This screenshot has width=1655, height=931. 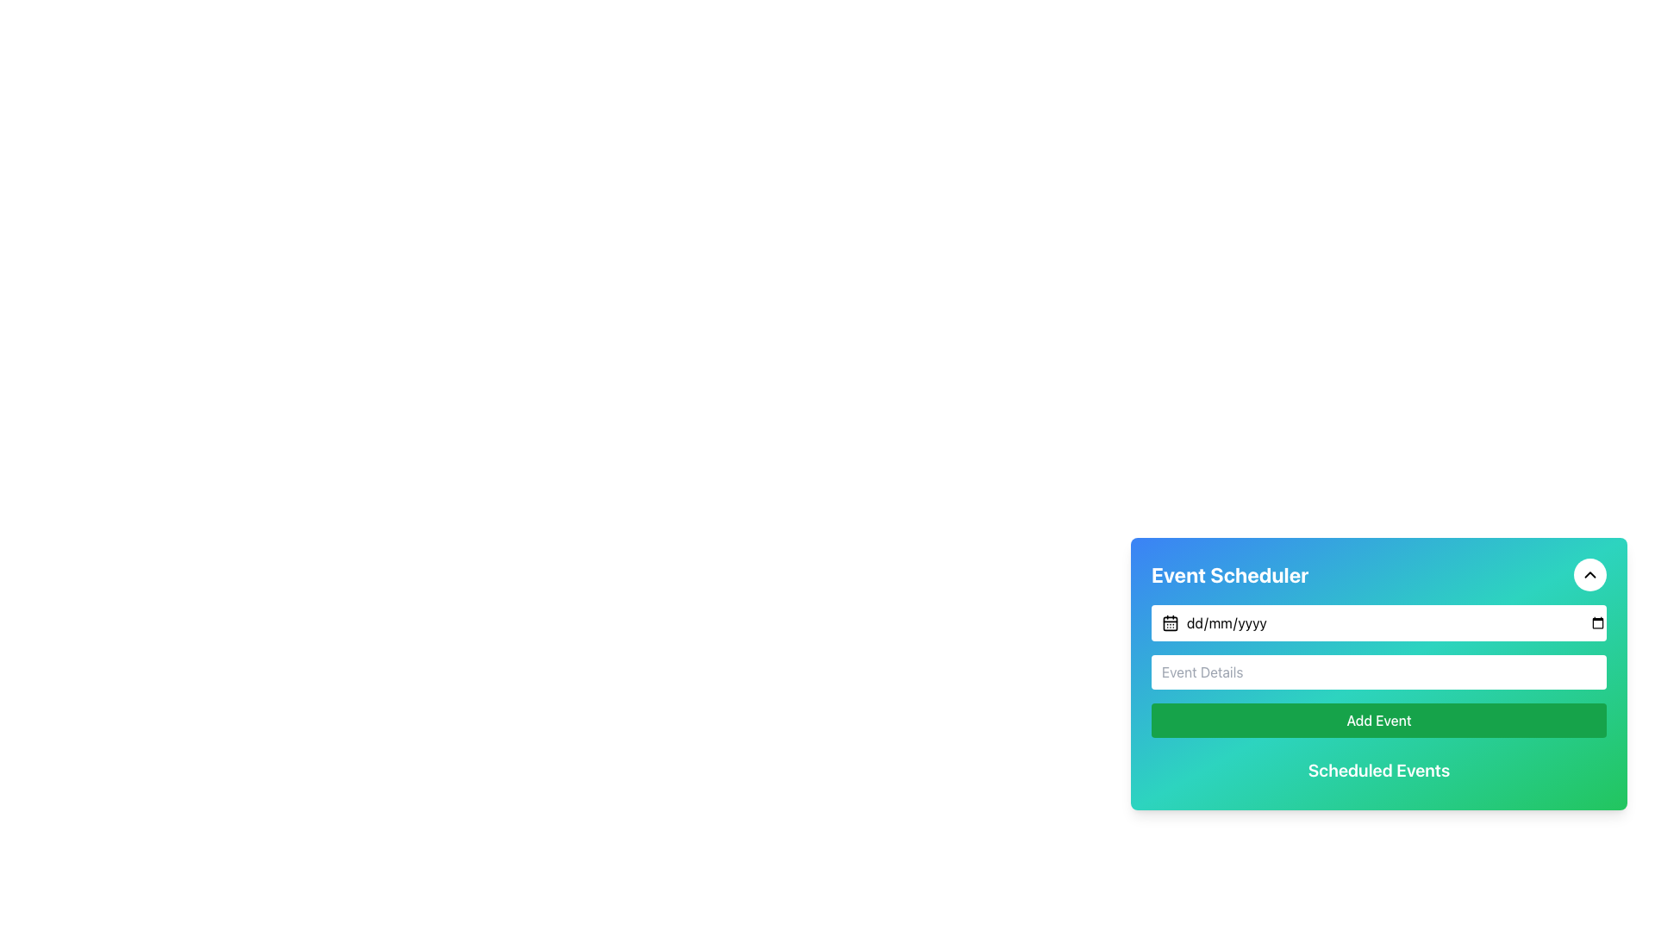 What do you see at coordinates (1377, 721) in the screenshot?
I see `the 'Add Event' button located at the bottom of the 'Event Scheduler' panel` at bounding box center [1377, 721].